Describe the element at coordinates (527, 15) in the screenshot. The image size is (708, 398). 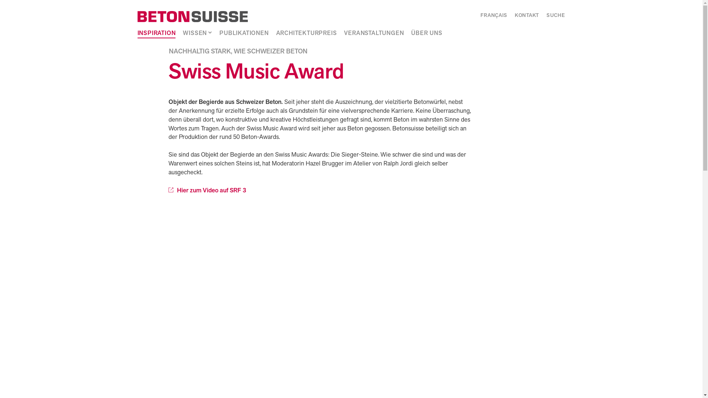
I see `'KONTAKT'` at that location.